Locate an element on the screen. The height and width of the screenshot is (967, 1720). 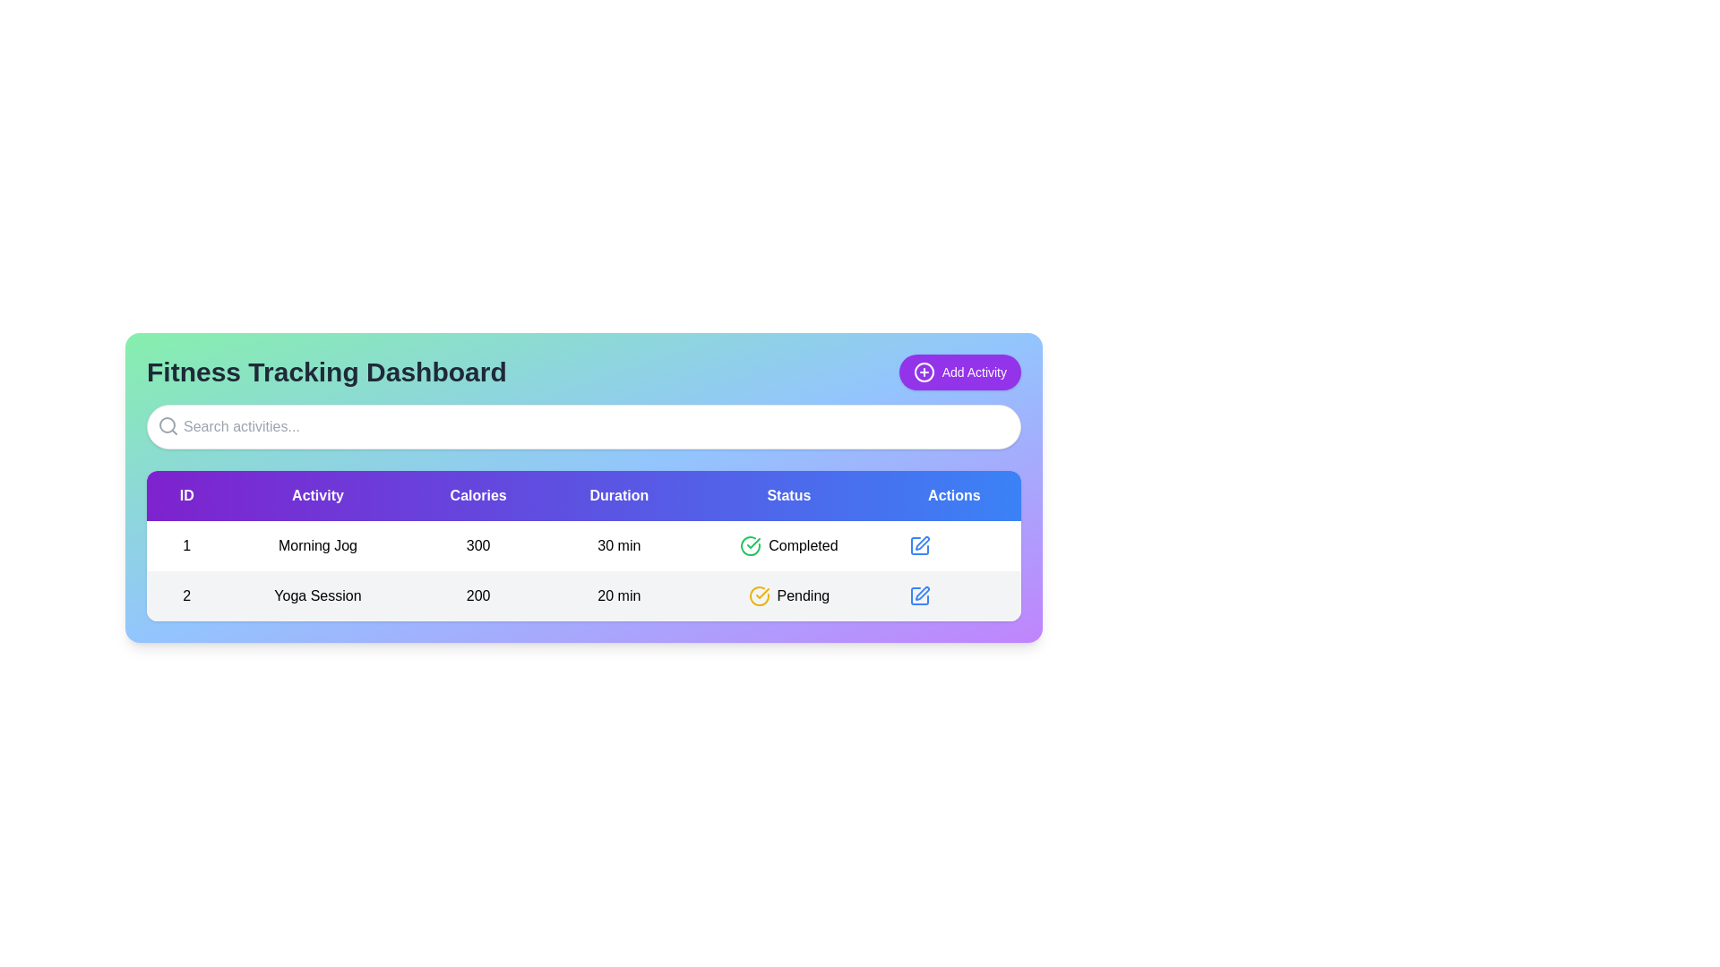
the second row of the activities table that displays details about the Yoga Session is located at coordinates (584, 596).